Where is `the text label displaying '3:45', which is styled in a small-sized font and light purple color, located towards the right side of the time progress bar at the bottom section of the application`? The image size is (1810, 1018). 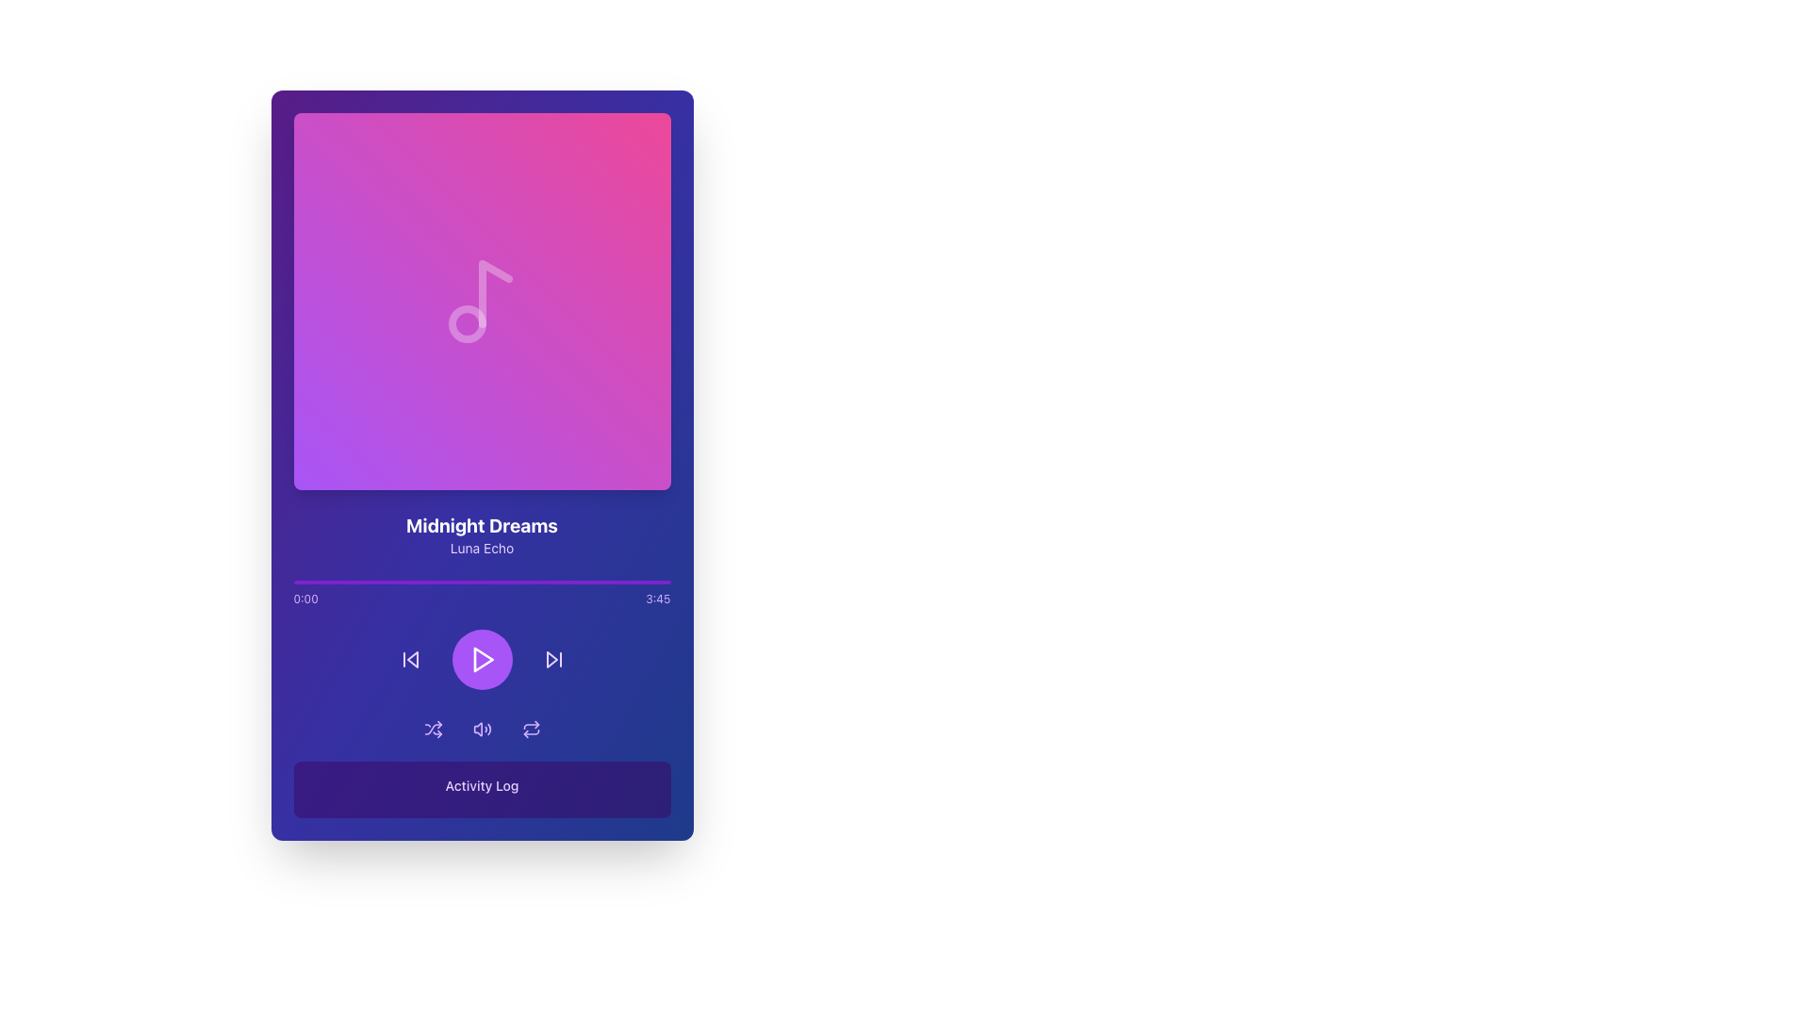
the text label displaying '3:45', which is styled in a small-sized font and light purple color, located towards the right side of the time progress bar at the bottom section of the application is located at coordinates (658, 599).